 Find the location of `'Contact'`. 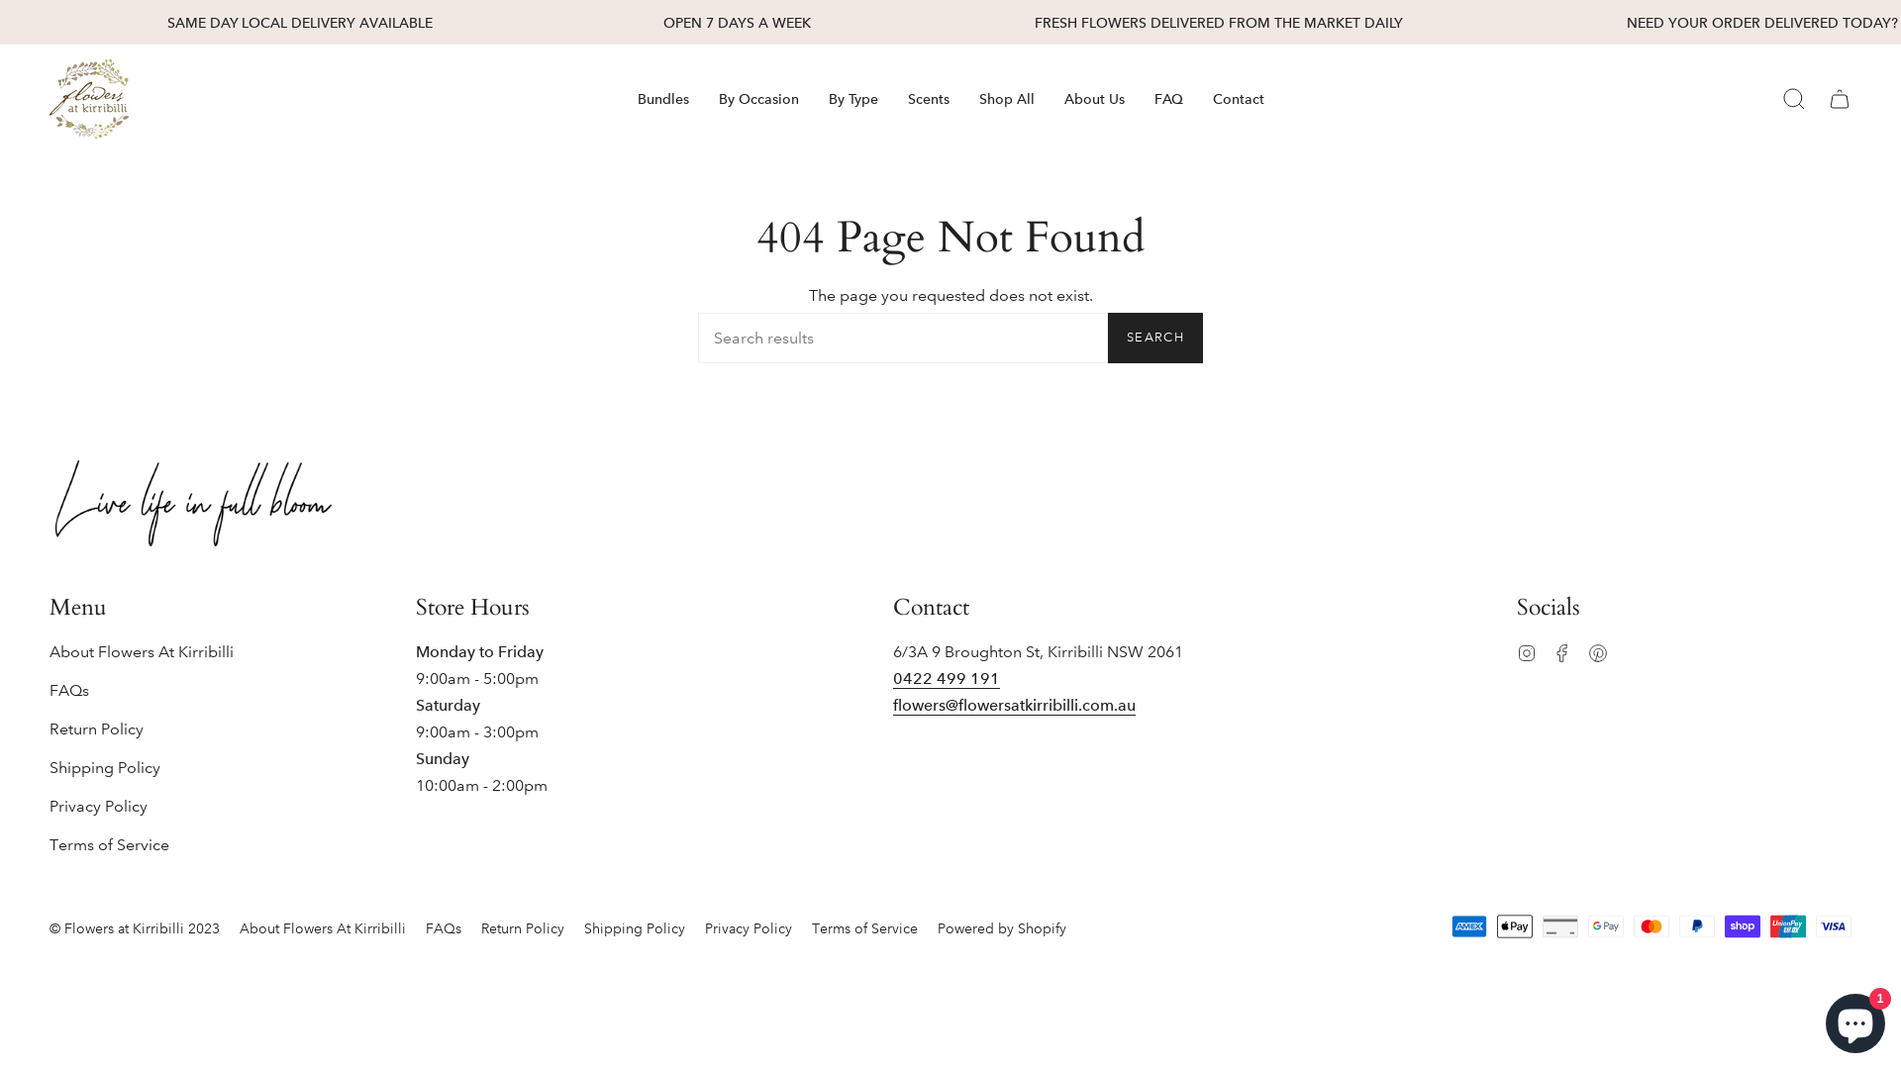

'Contact' is located at coordinates (1196, 99).